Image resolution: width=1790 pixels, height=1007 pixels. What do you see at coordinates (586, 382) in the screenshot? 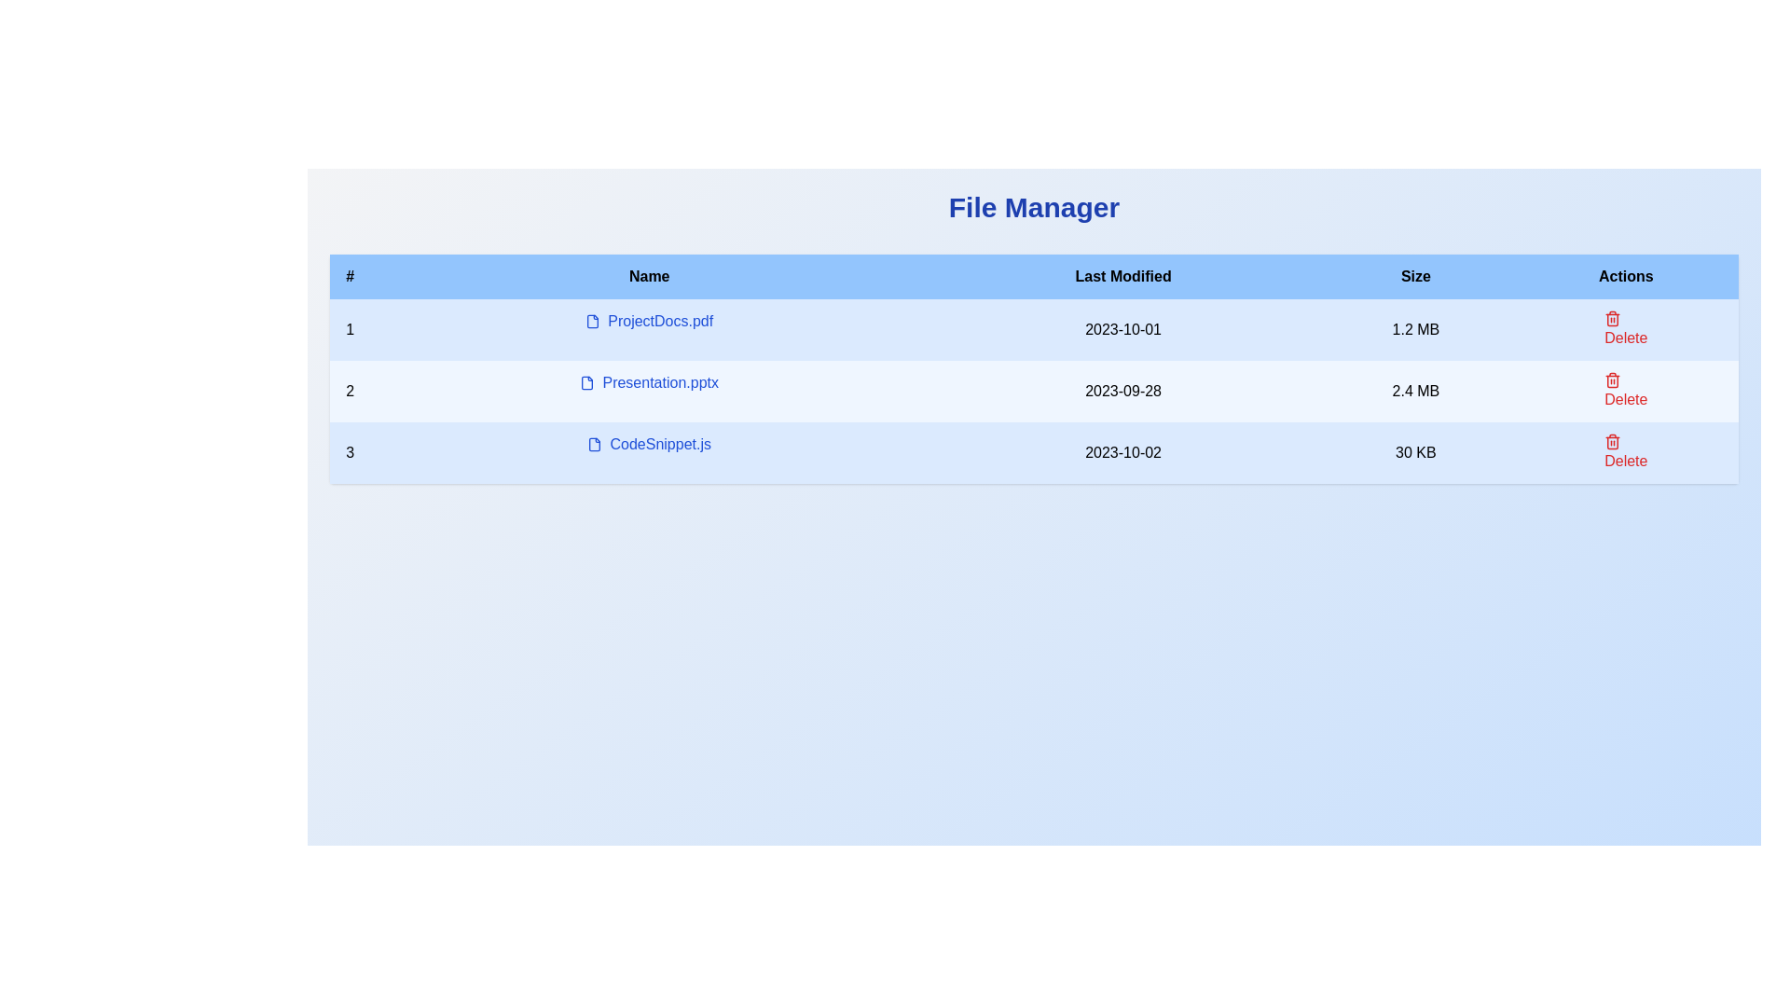
I see `the document icon with a blue outline` at bounding box center [586, 382].